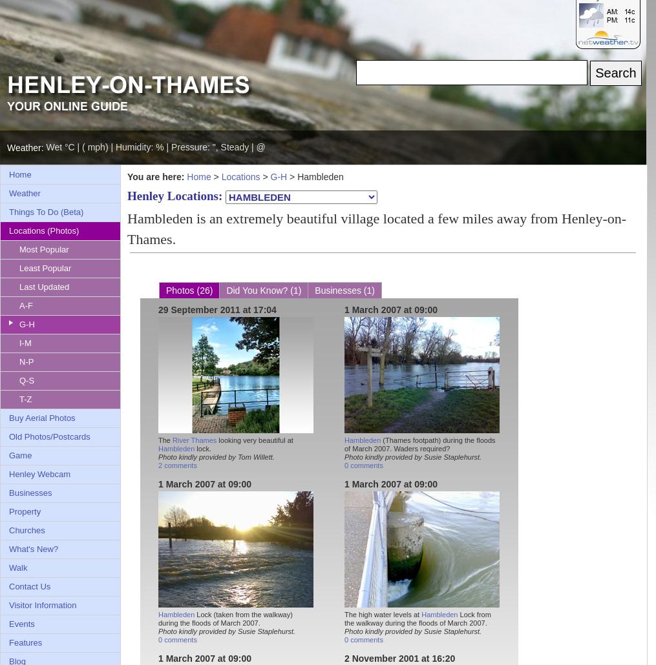 Image resolution: width=656 pixels, height=665 pixels. Describe the element at coordinates (220, 176) in the screenshot. I see `'Locations'` at that location.